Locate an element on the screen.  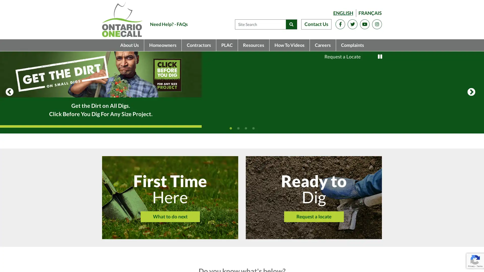
Previous is located at coordinates (10, 121).